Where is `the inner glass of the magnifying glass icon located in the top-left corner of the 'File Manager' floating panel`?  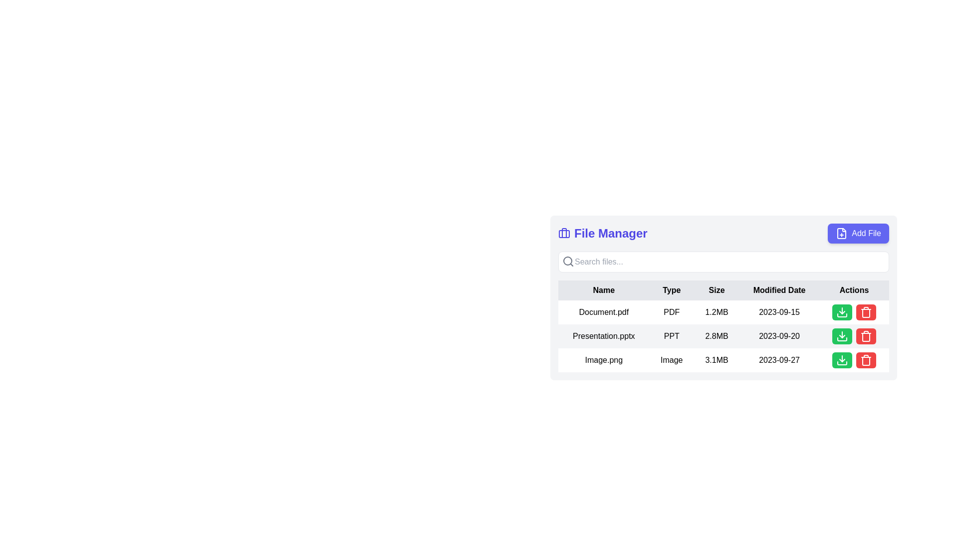 the inner glass of the magnifying glass icon located in the top-left corner of the 'File Manager' floating panel is located at coordinates (567, 261).